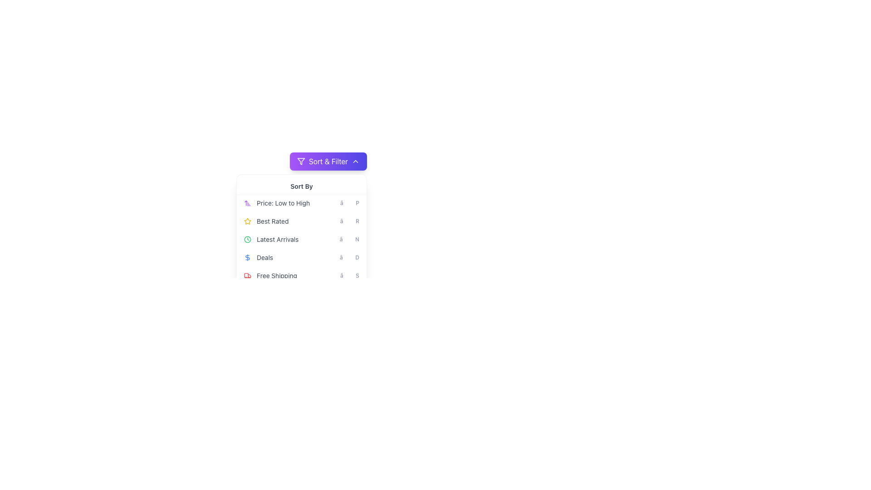  I want to click on text label 'Deals' located in the fourth position of the vertical menu, styled in gray and changes to purple when hovered over, so click(264, 257).